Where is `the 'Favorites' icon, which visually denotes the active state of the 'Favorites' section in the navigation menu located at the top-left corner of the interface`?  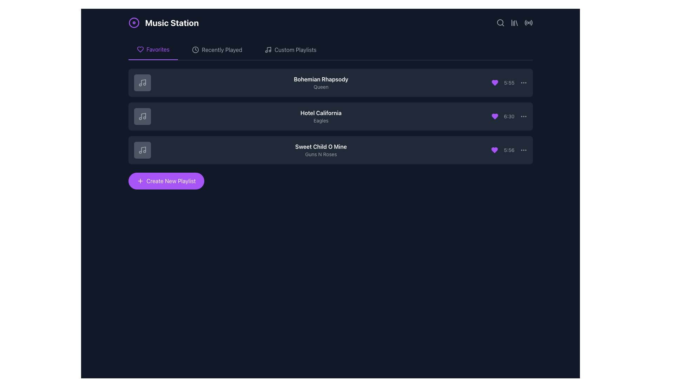
the 'Favorites' icon, which visually denotes the active state of the 'Favorites' section in the navigation menu located at the top-left corner of the interface is located at coordinates (140, 49).